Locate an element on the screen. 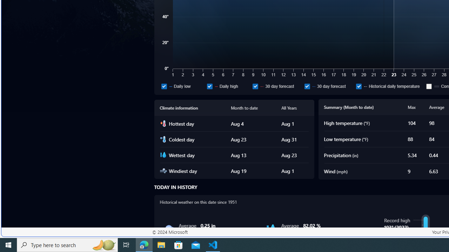  '30 day forecast' is located at coordinates (328, 86).